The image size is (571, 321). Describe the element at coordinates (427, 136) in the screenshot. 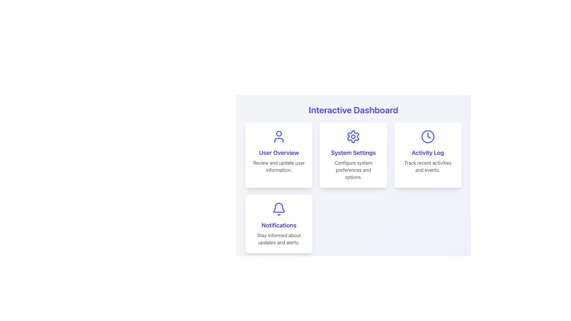

I see `the vibrant indigo clock icon located at the top-center of the 'Activity Log' card on the dashboard` at that location.